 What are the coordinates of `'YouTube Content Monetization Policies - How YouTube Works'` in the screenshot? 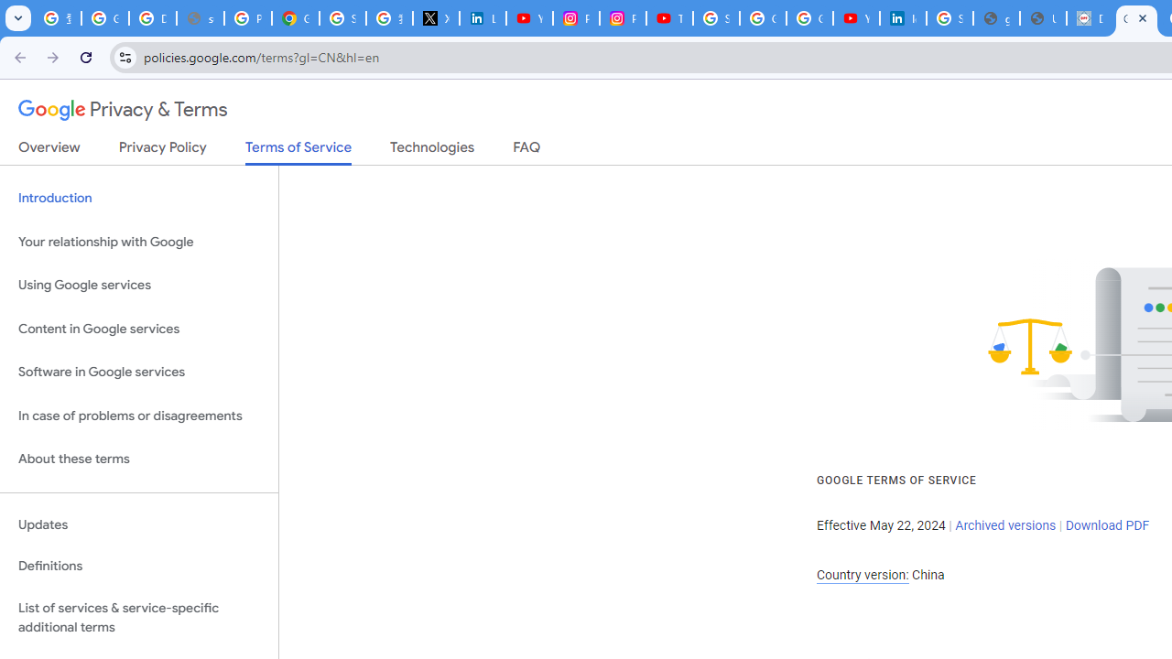 It's located at (528, 18).